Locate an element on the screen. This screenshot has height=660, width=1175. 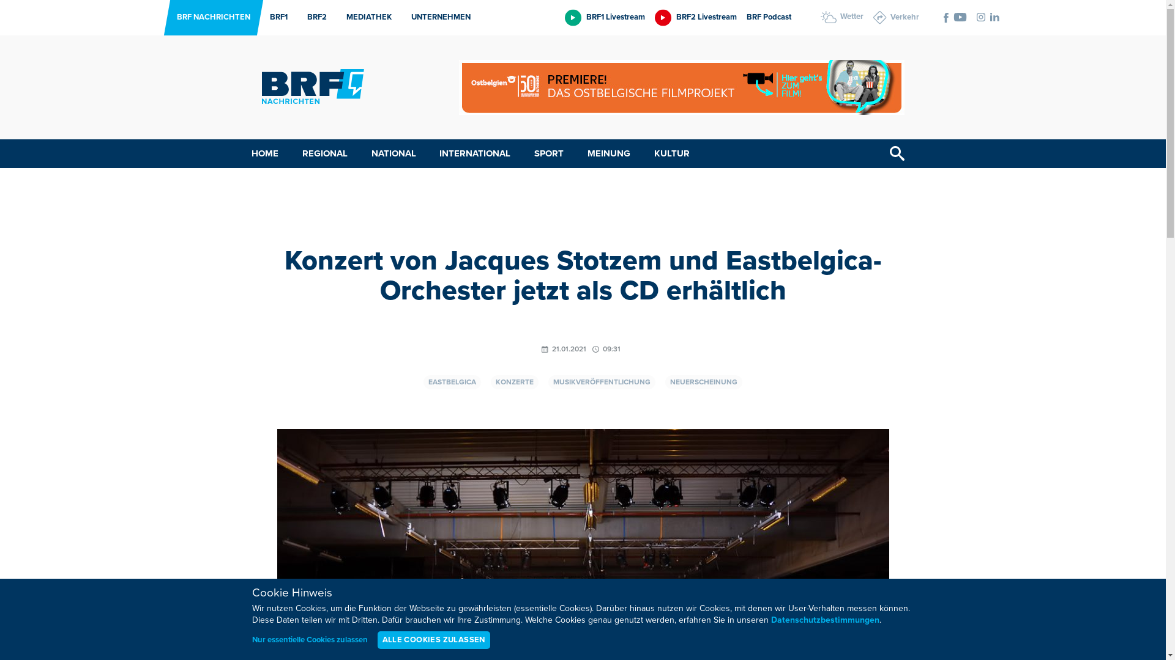
'KONZERTE' is located at coordinates (514, 381).